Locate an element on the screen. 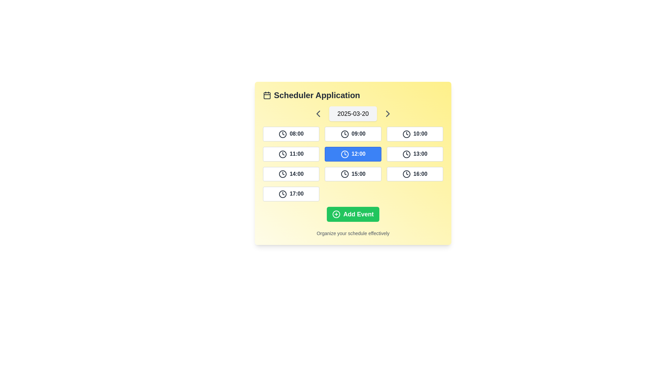 The image size is (655, 368). the circular shape within the clock icon located at the '10:00' time slot in the scheduler grid is located at coordinates (406, 134).